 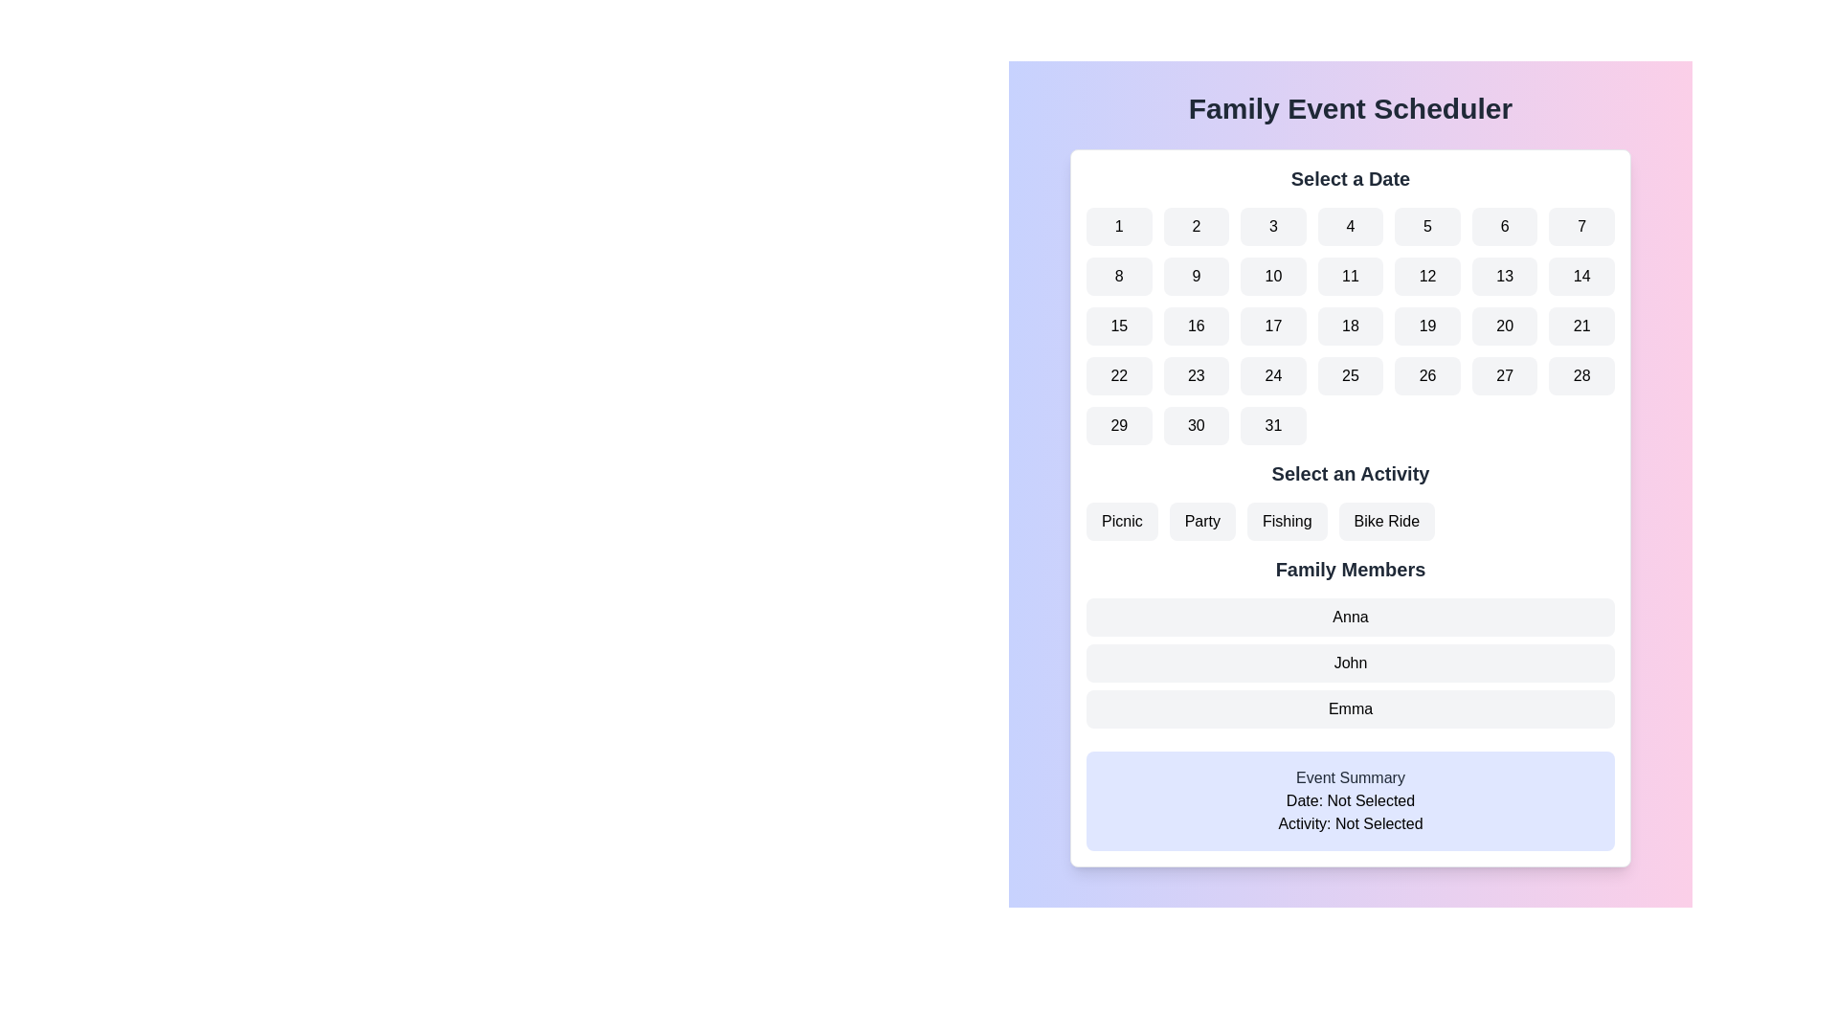 I want to click on the selectable date button located in the second row and second column of the calendar grid, so click(x=1195, y=277).